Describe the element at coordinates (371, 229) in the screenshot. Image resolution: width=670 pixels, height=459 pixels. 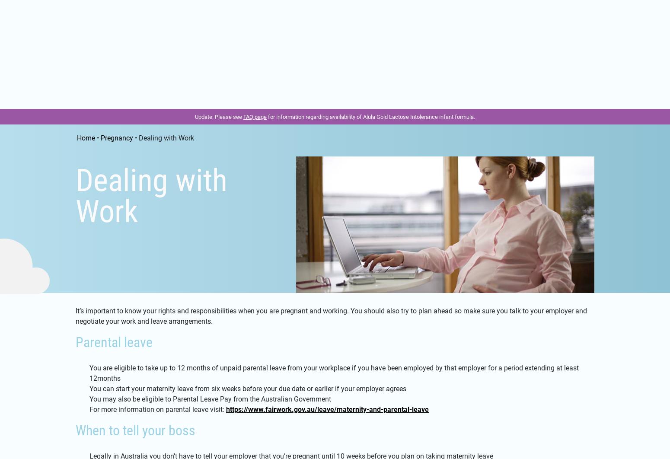
I see `'https://www.servicesaustralia.gov.au/individuals/services/centrelink/parental-leave-pay'` at that location.